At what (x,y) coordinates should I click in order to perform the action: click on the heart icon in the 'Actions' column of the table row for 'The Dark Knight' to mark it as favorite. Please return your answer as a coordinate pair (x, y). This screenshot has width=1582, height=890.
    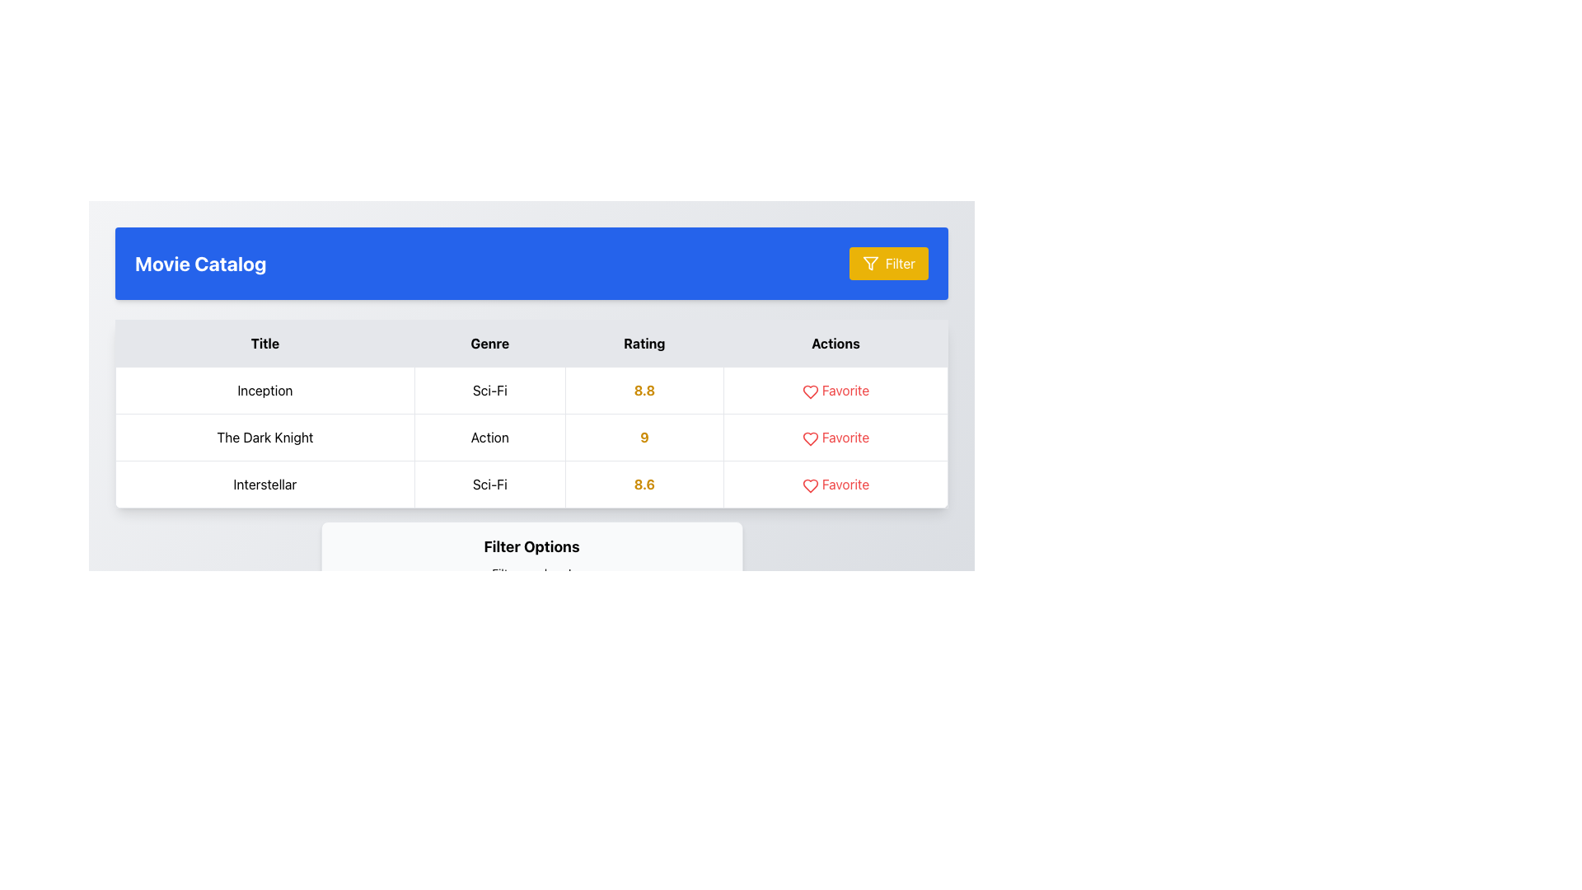
    Looking at the image, I should click on (810, 391).